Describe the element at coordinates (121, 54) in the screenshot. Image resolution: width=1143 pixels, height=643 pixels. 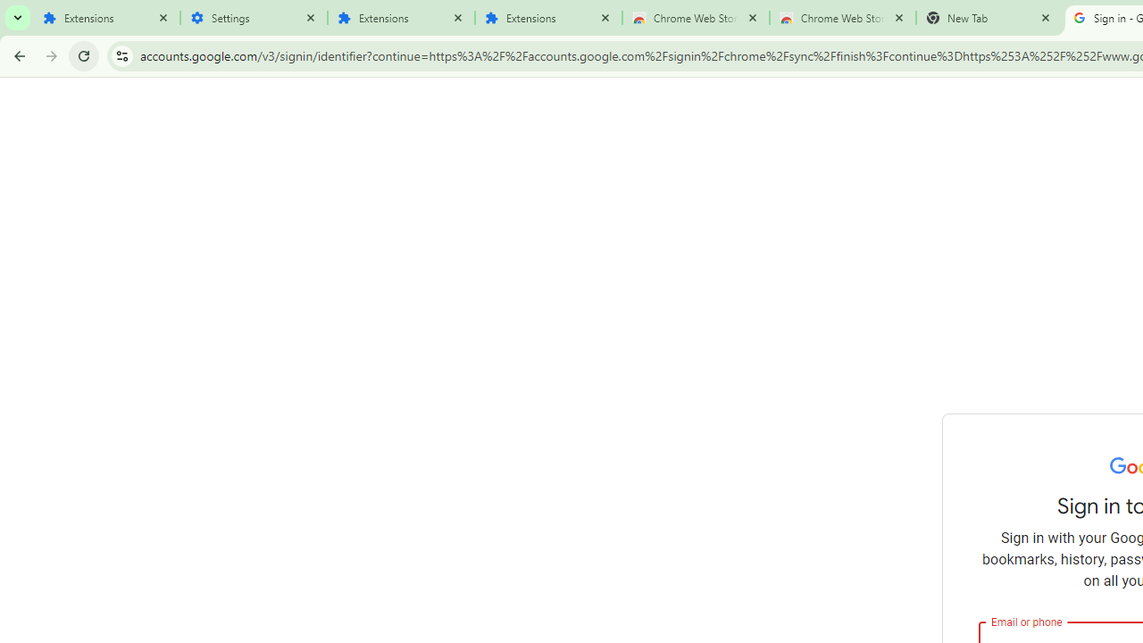
I see `'View site information'` at that location.